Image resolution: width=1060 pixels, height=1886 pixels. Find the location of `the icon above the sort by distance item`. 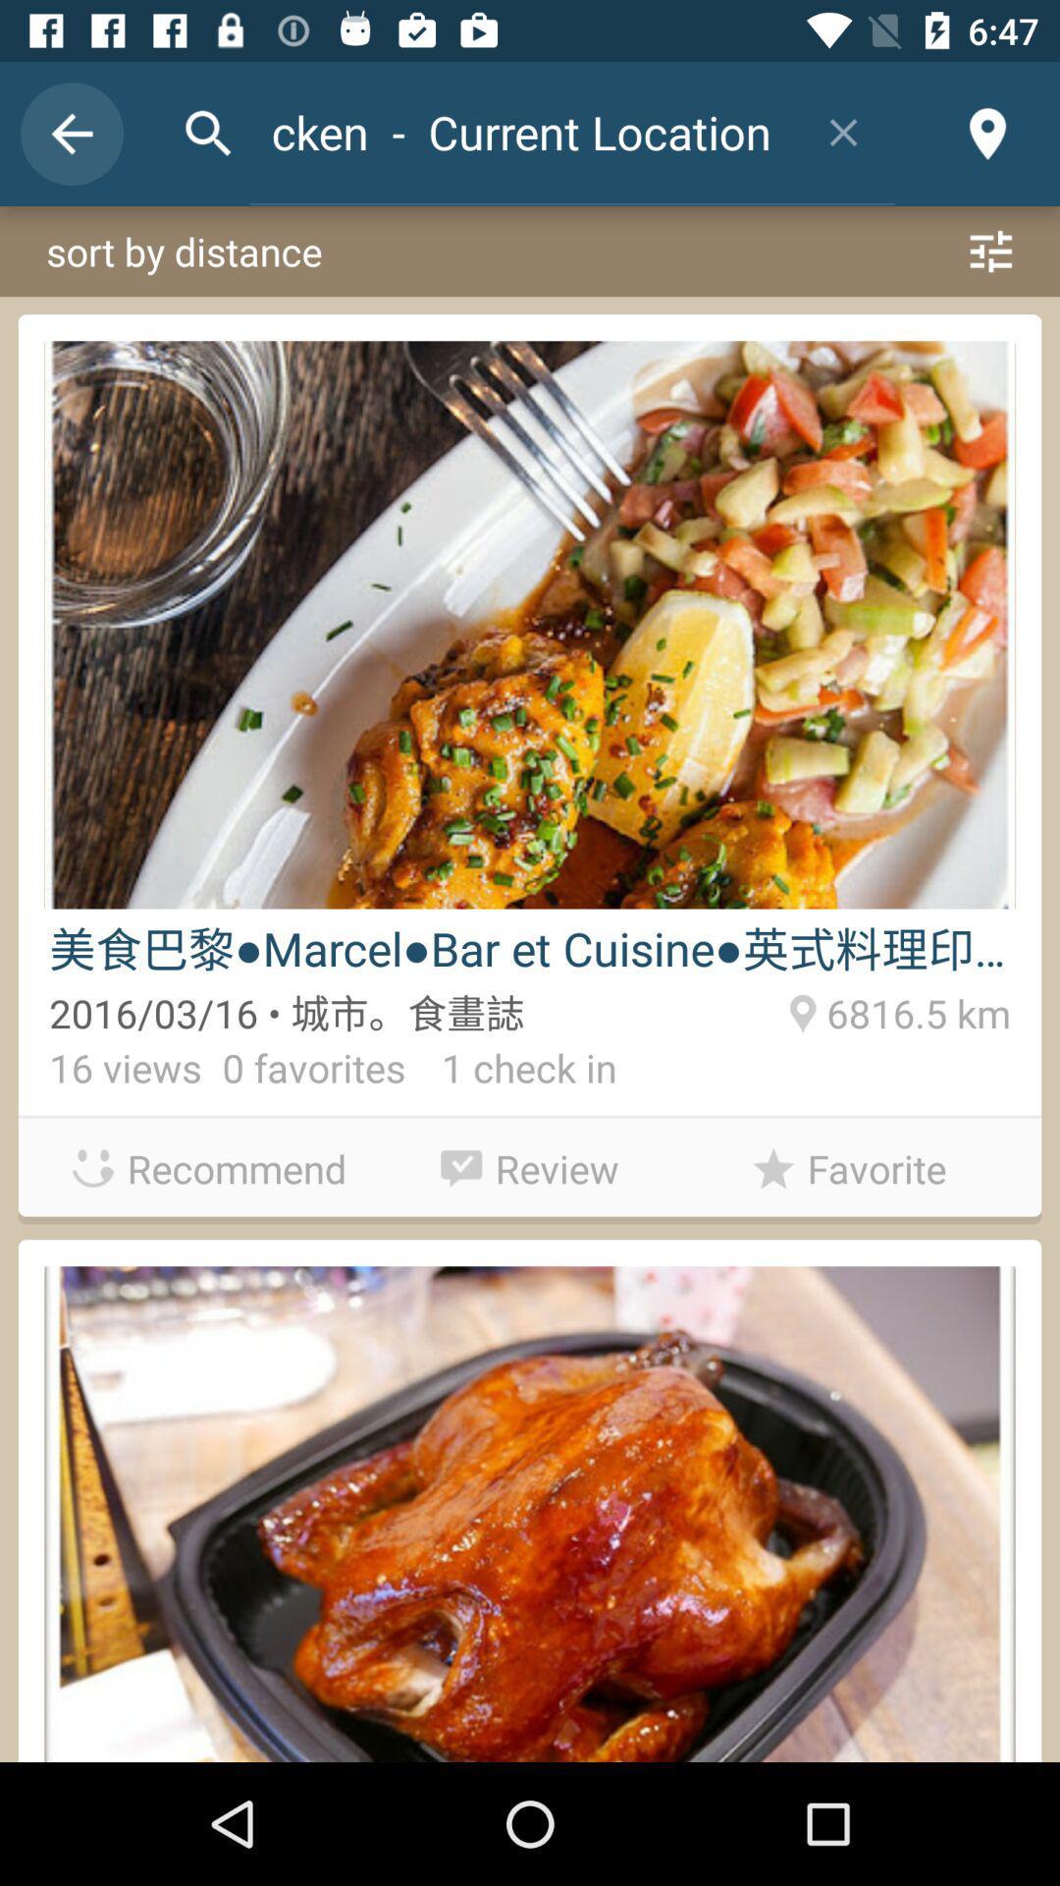

the icon above the sort by distance item is located at coordinates (842, 131).